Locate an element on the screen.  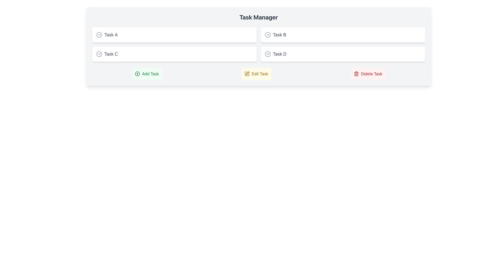
the delete task button is located at coordinates (368, 74).